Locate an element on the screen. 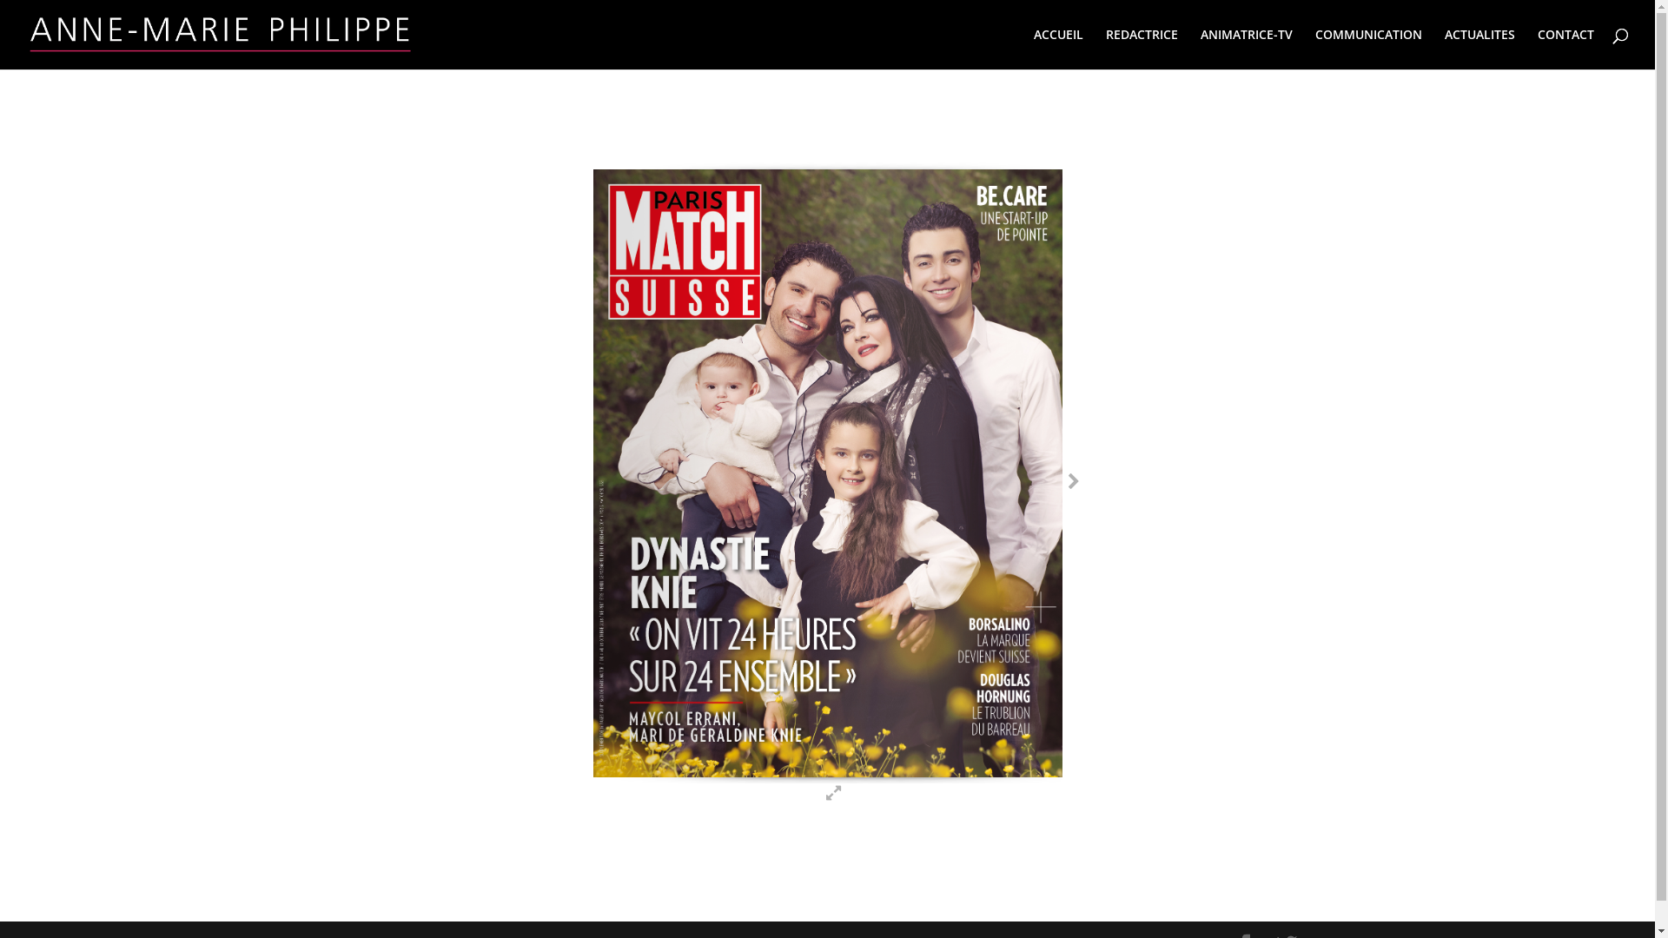 This screenshot has width=1668, height=938. 'ACTUALITES' is located at coordinates (1479, 48).